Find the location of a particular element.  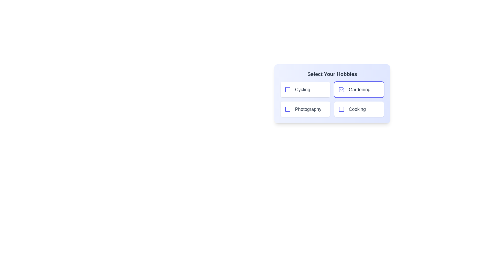

the hobby item Cycling to observe its hover effect is located at coordinates (305, 89).